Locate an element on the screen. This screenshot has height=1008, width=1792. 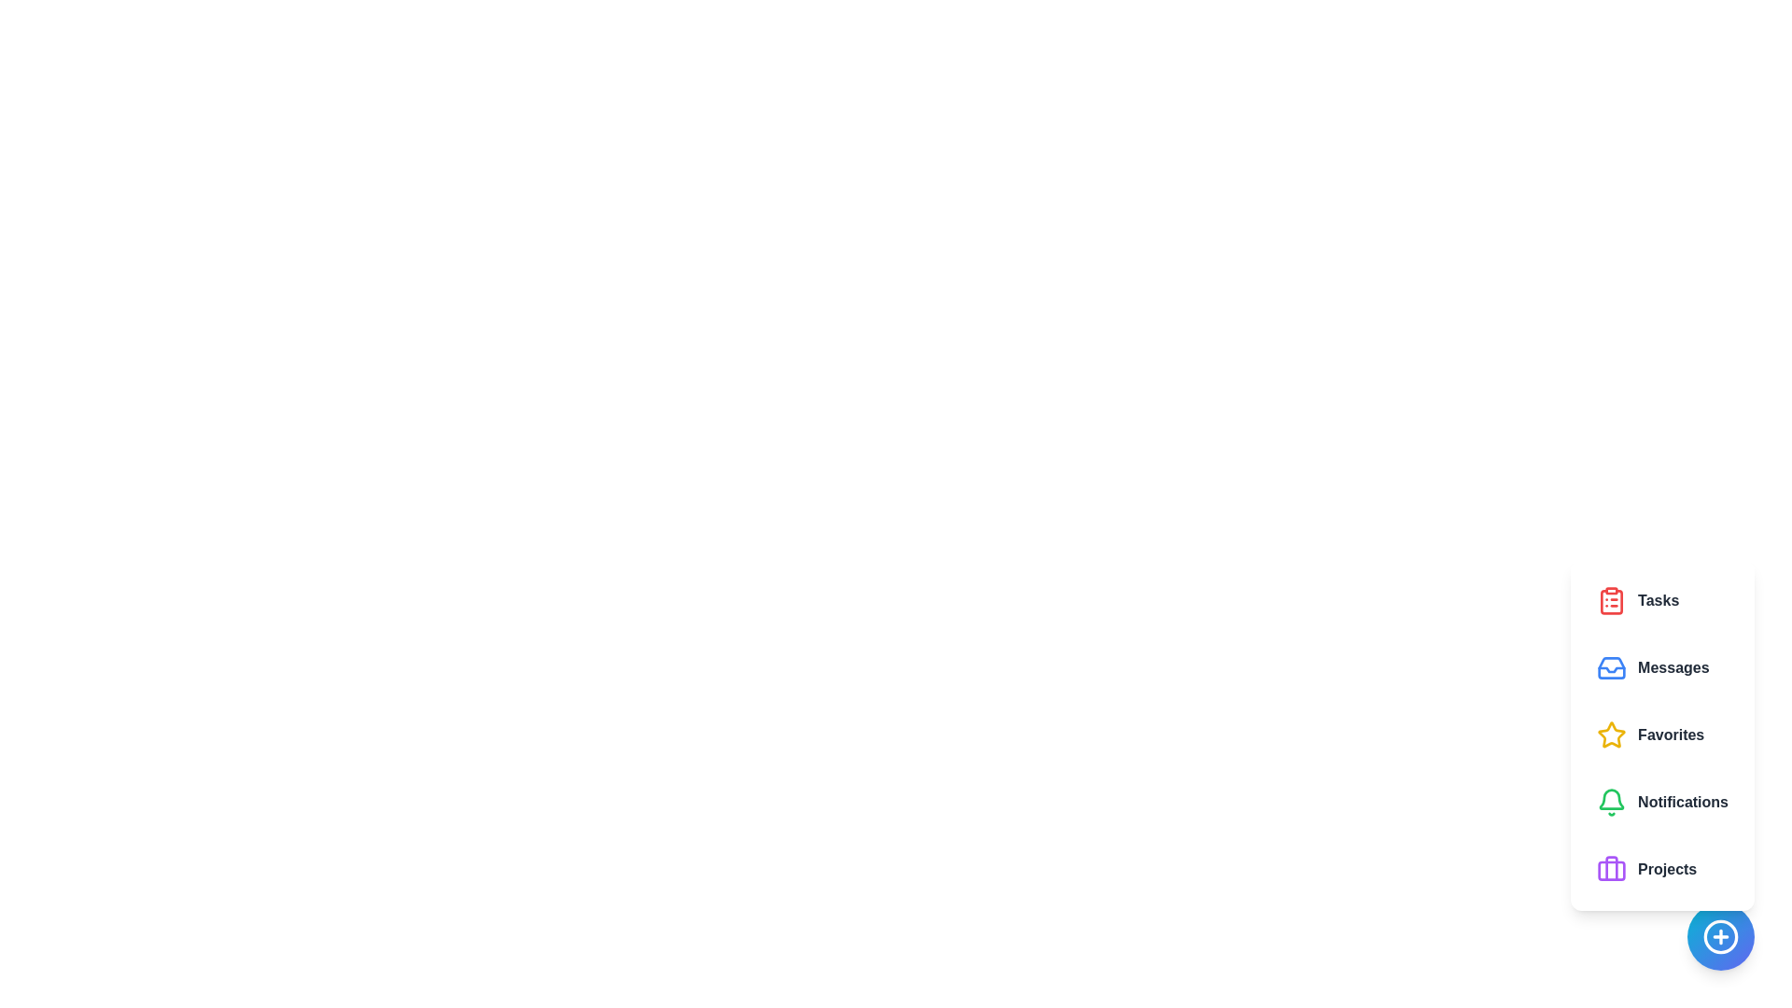
the button labeled Messages to observe visual feedback is located at coordinates (1662, 667).